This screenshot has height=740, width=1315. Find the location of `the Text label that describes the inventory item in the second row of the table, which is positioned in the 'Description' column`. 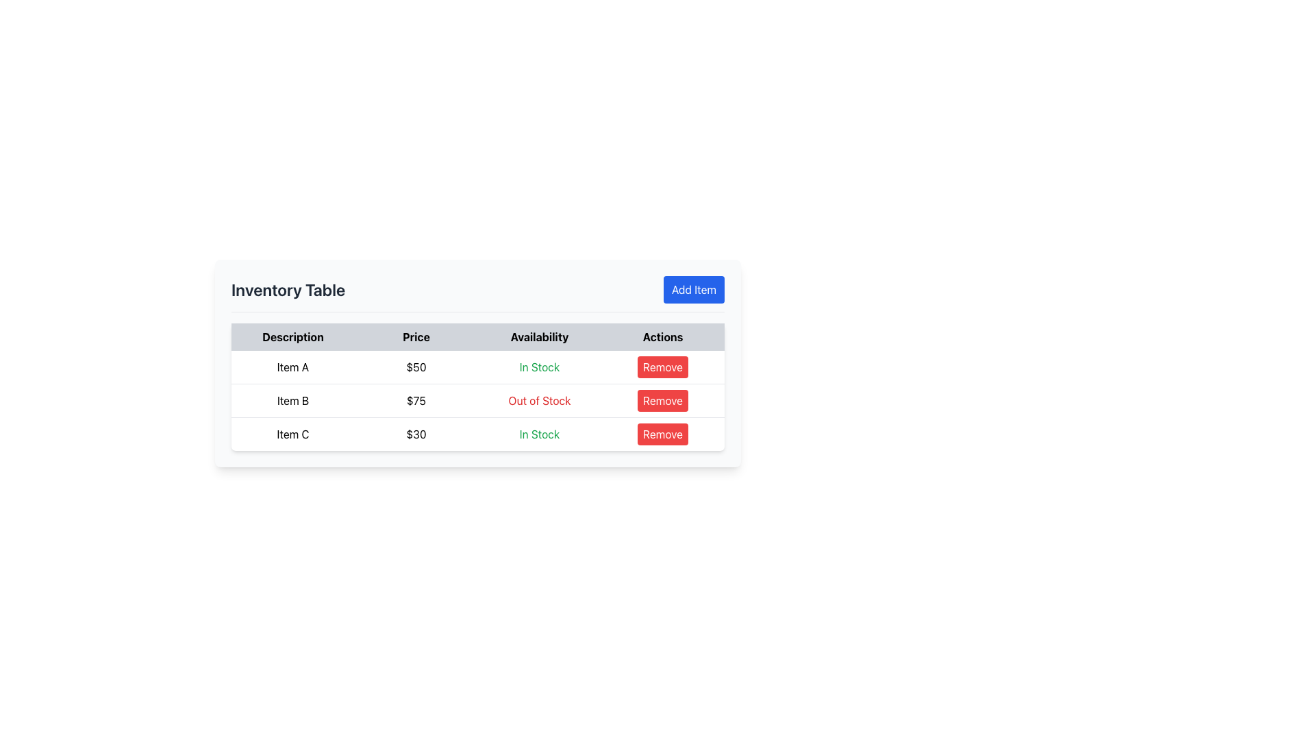

the Text label that describes the inventory item in the second row of the table, which is positioned in the 'Description' column is located at coordinates (292, 401).